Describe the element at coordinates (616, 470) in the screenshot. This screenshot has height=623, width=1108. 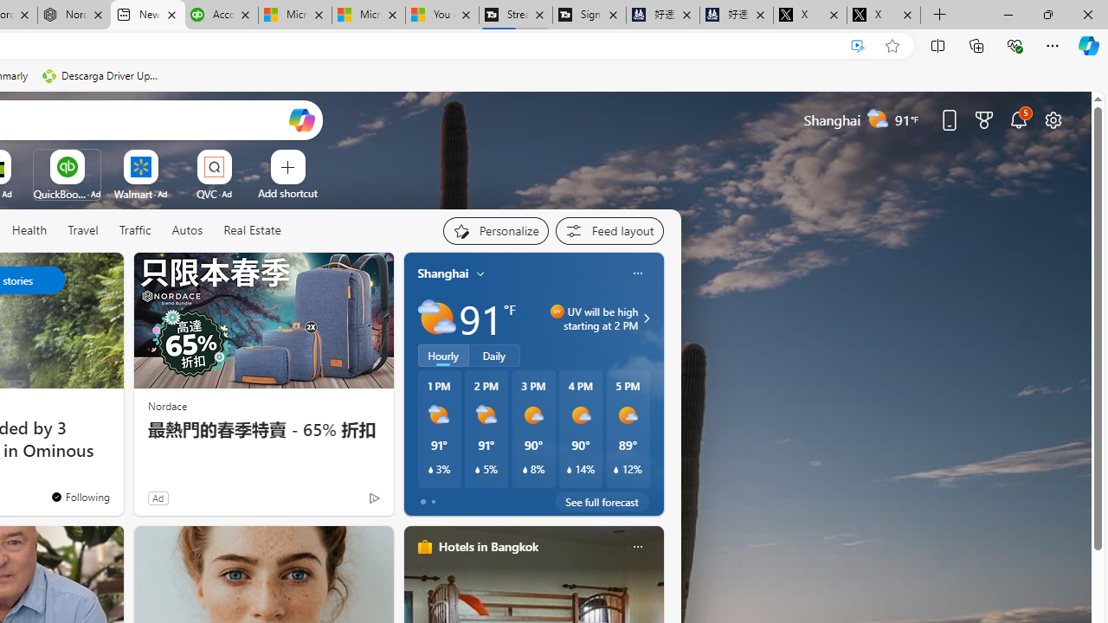
I see `'Class: weather-current-precipitation-glyph'` at that location.